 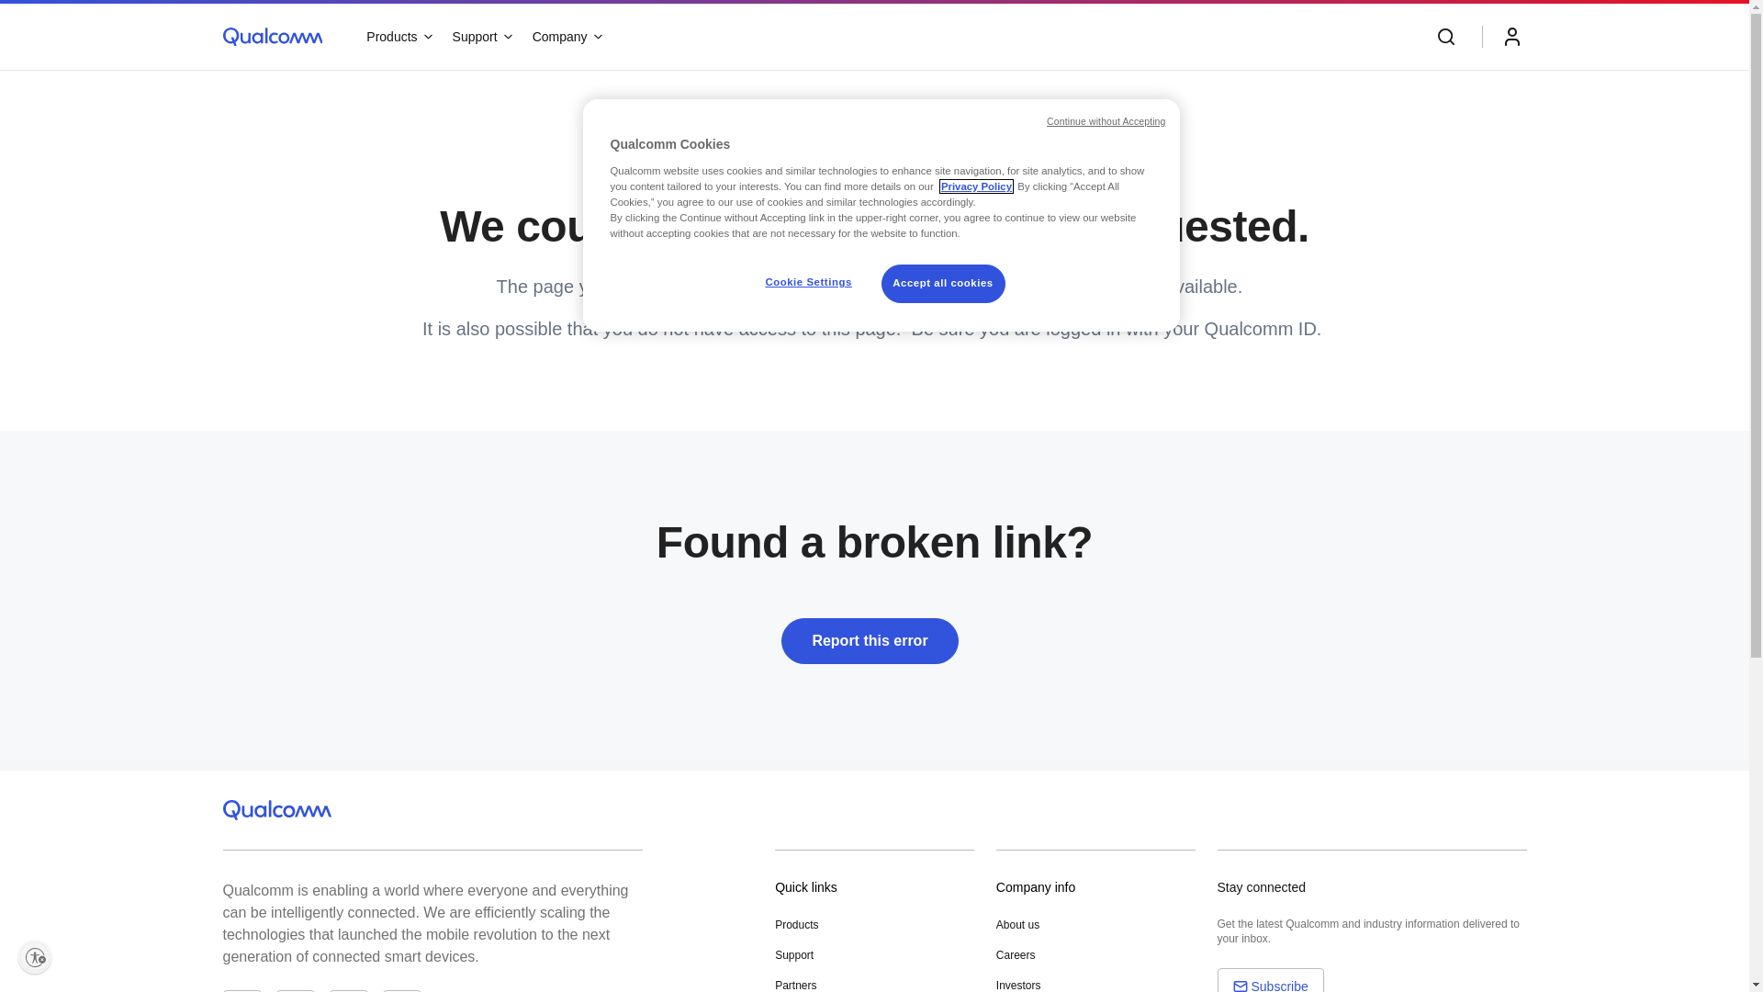 I want to click on 'Careers', so click(x=1015, y=954).